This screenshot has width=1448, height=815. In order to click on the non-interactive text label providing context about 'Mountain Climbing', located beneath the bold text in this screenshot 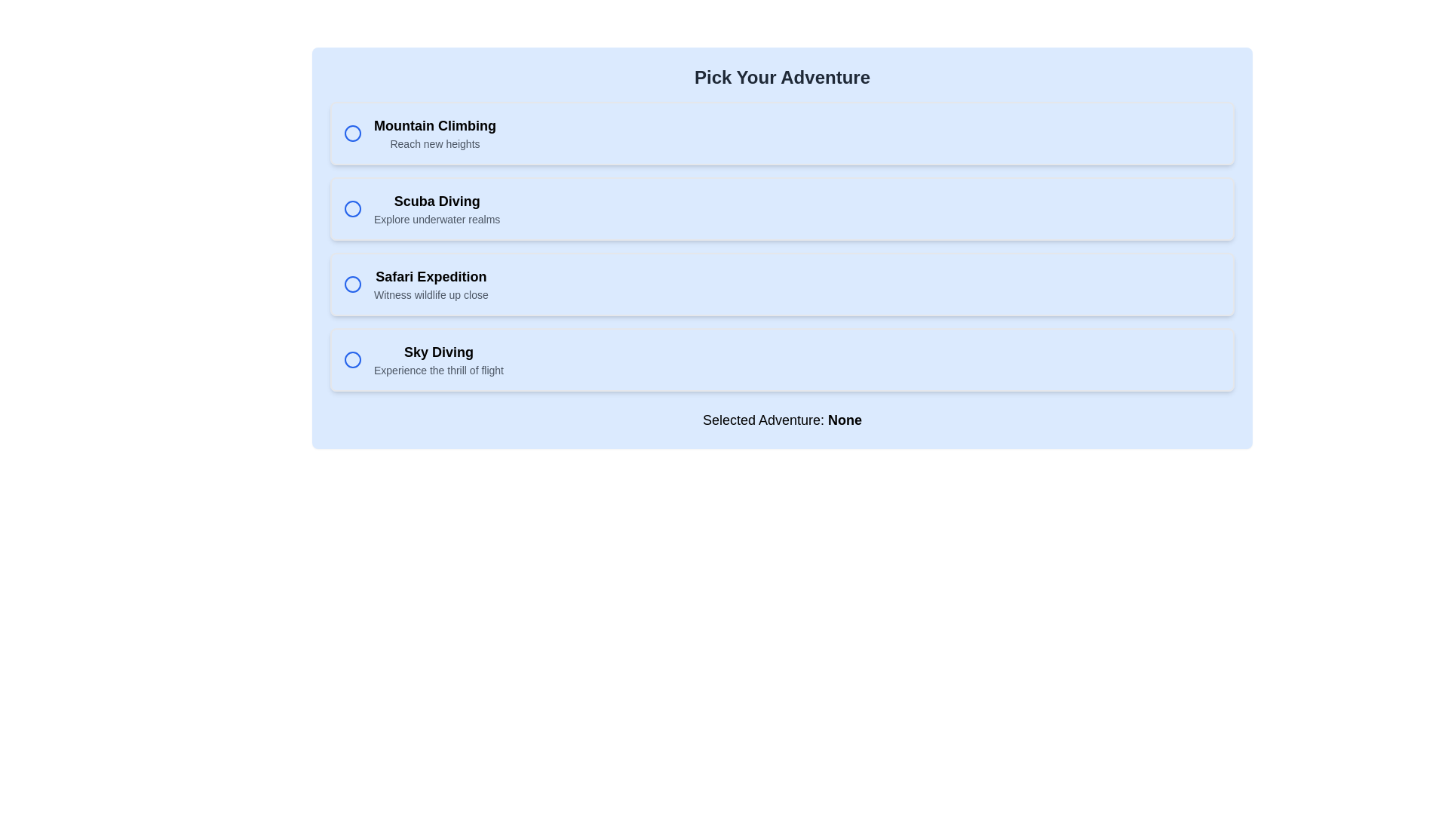, I will do `click(434, 144)`.